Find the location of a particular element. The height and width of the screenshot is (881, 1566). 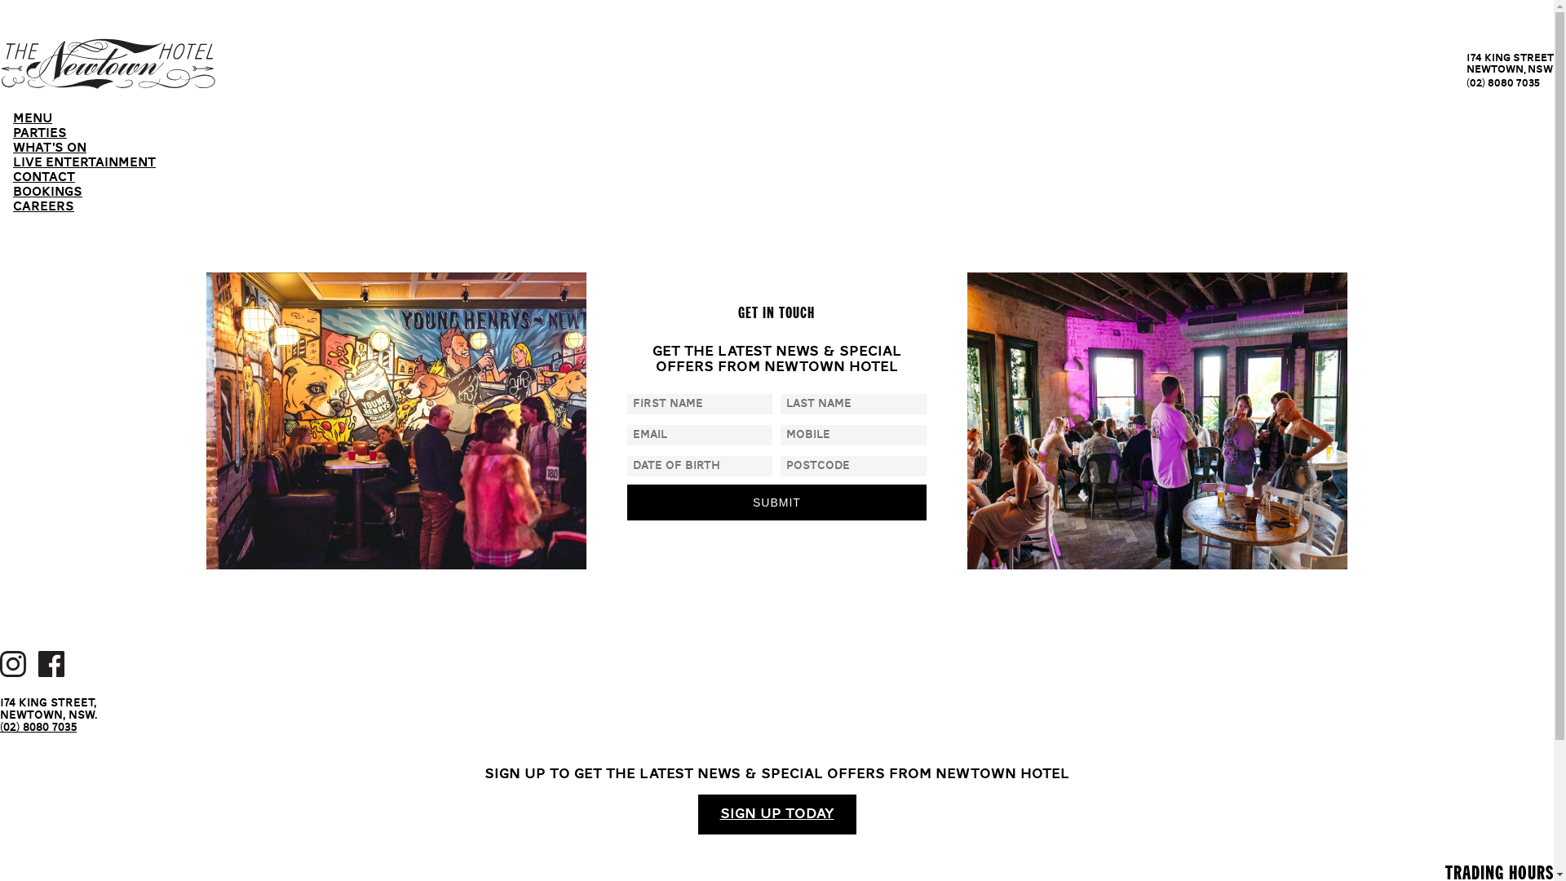

'CONTACT' is located at coordinates (7, 179).